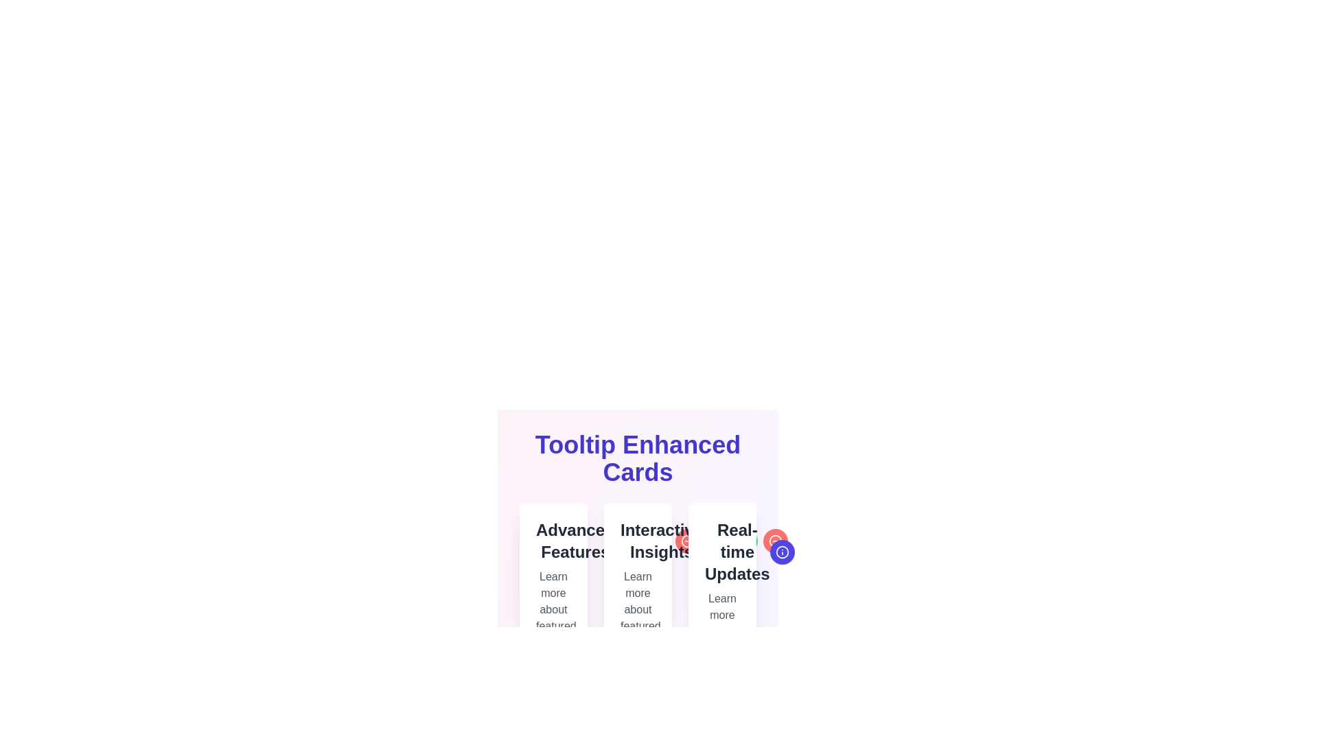 The width and height of the screenshot is (1318, 741). What do you see at coordinates (745, 541) in the screenshot?
I see `the circular green button with a white '+' symbol, which is the second button in a horizontal arrangement of three buttons` at bounding box center [745, 541].